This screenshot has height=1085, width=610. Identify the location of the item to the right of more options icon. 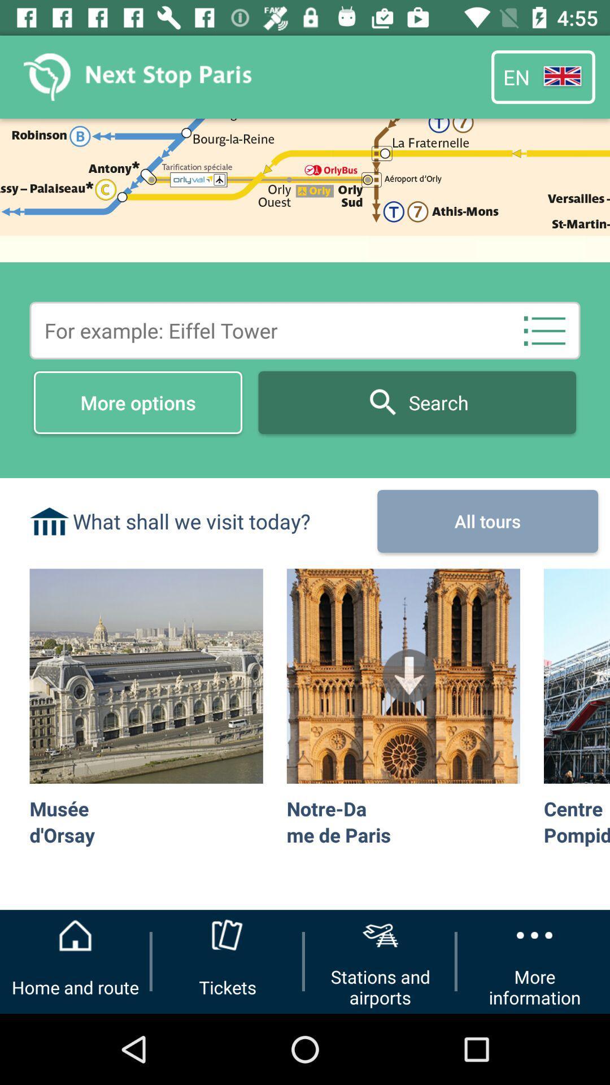
(544, 330).